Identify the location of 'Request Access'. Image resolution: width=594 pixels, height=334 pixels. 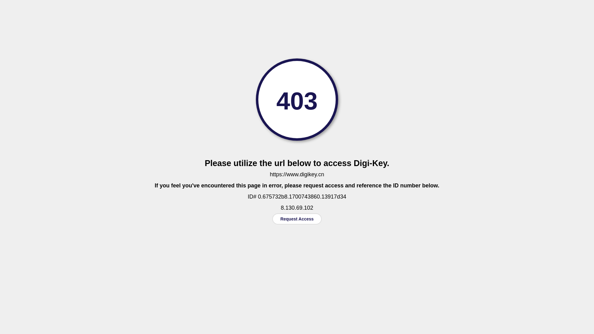
(297, 219).